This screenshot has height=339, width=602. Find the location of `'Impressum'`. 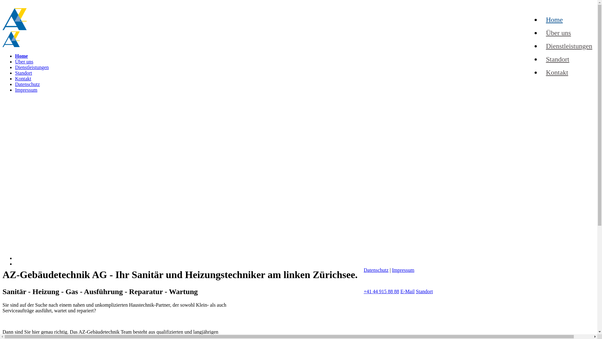

'Impressum' is located at coordinates (403, 270).